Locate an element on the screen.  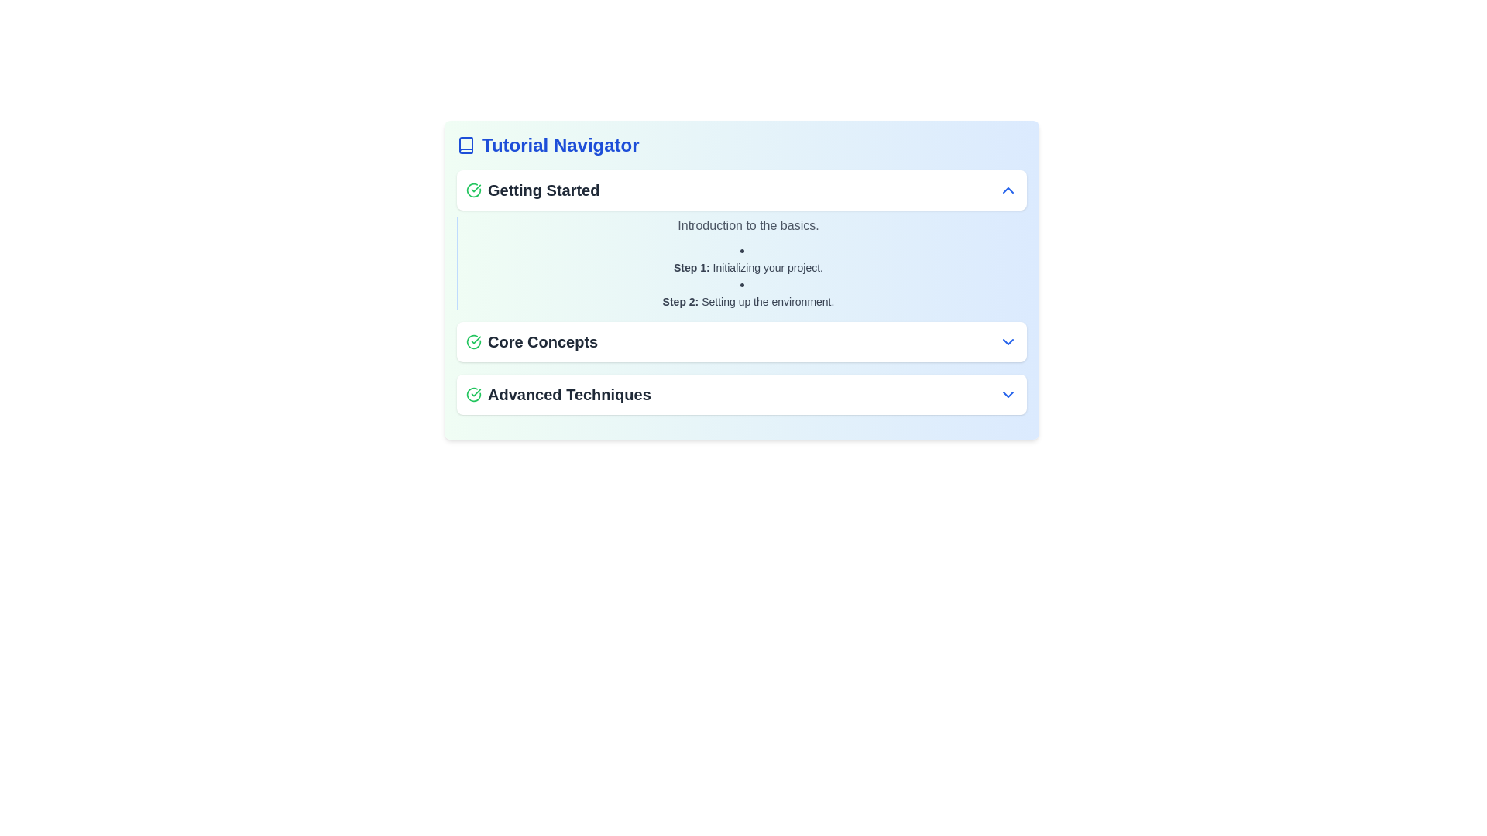
the static text that reads 'Introduction to the basics.' which is styled with a gray, medium-sized font and located under the heading 'Getting Started' in a tutorial step navigator is located at coordinates (748, 226).